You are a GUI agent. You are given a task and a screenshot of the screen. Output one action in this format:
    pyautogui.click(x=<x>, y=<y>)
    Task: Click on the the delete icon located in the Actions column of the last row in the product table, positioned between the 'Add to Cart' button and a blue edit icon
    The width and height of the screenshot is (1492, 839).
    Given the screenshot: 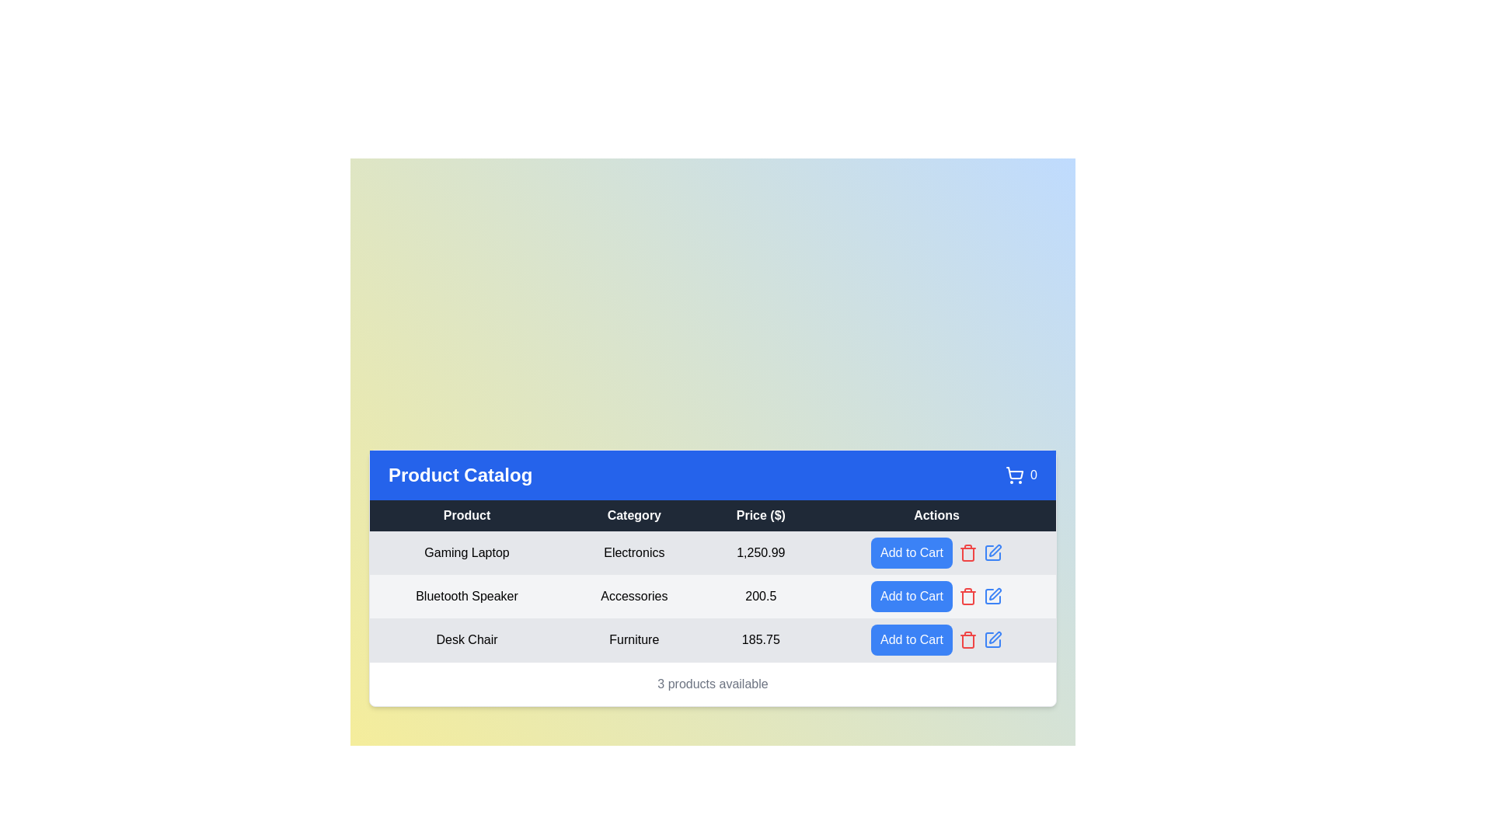 What is the action you would take?
    pyautogui.click(x=967, y=639)
    